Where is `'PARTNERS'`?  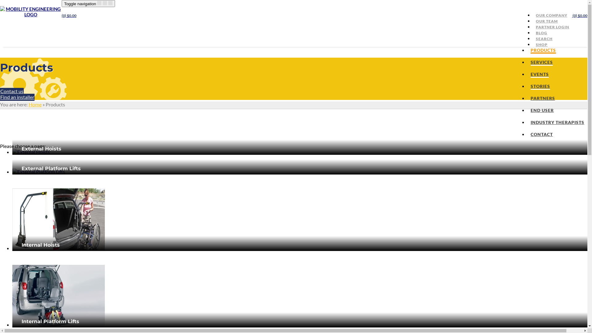 'PARTNERS' is located at coordinates (543, 98).